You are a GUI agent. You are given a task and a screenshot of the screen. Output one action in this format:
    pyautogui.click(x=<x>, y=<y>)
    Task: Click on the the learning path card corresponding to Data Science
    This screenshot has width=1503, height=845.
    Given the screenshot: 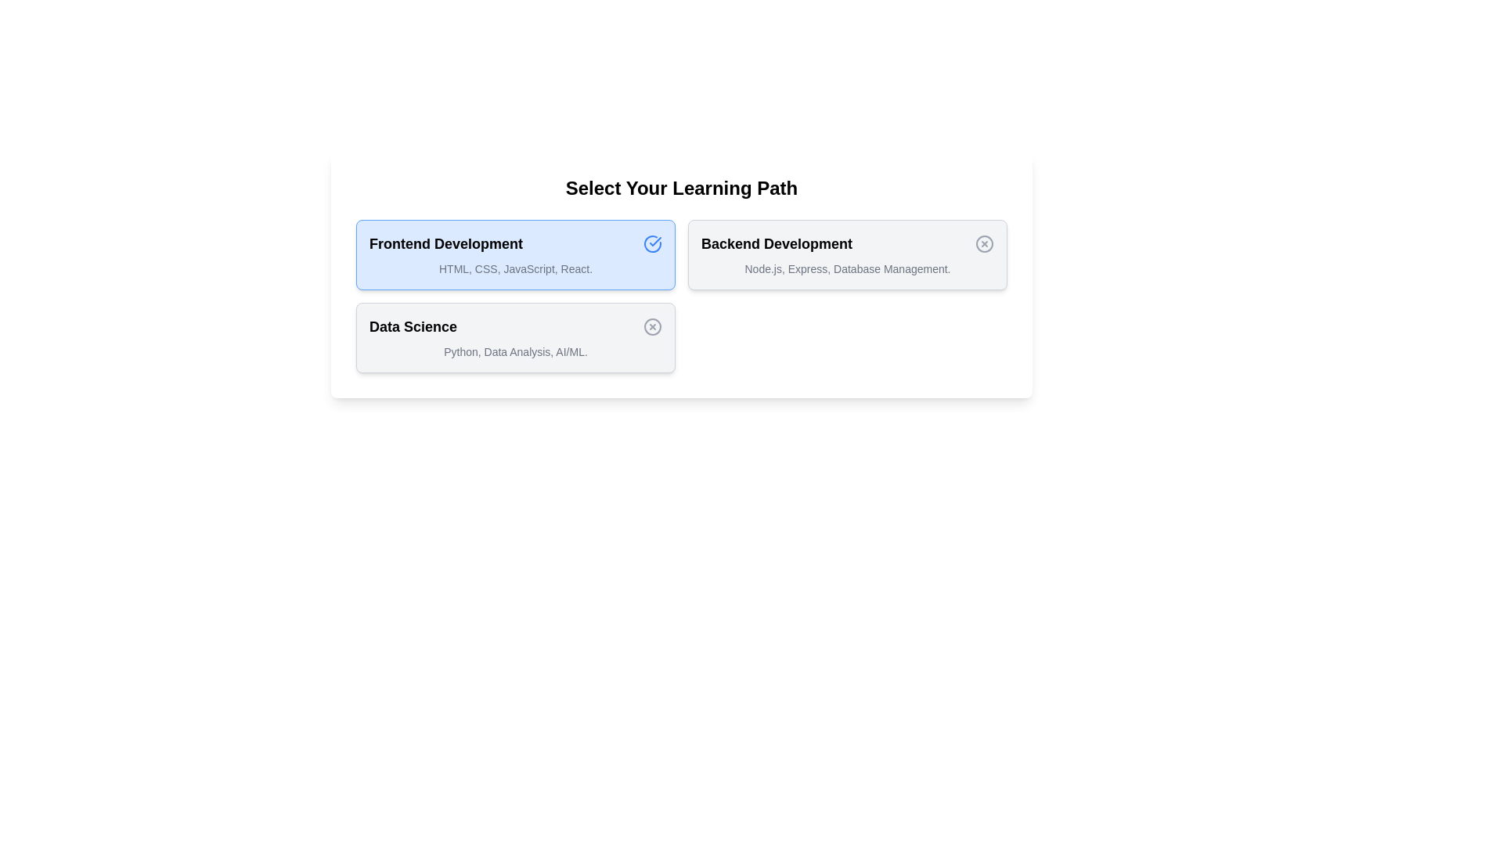 What is the action you would take?
    pyautogui.click(x=515, y=337)
    